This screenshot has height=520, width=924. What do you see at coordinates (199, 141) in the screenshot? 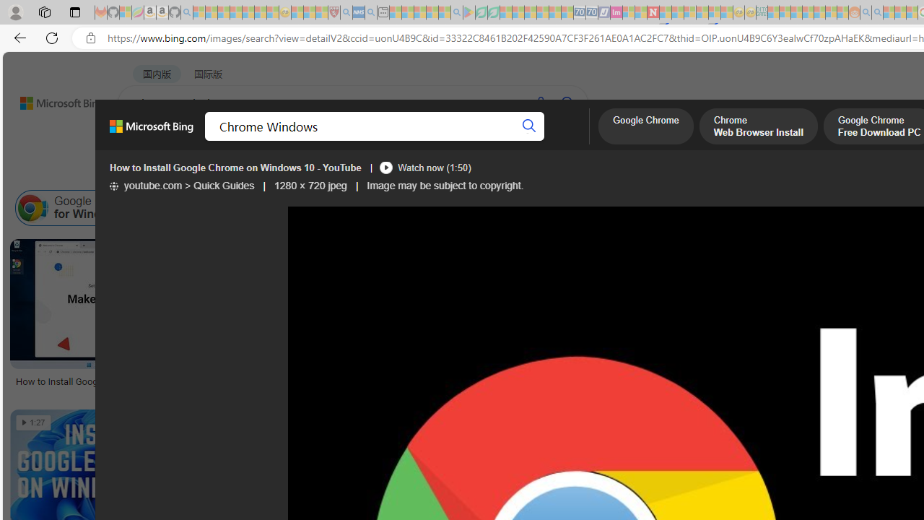
I see `'MY BING'` at bounding box center [199, 141].